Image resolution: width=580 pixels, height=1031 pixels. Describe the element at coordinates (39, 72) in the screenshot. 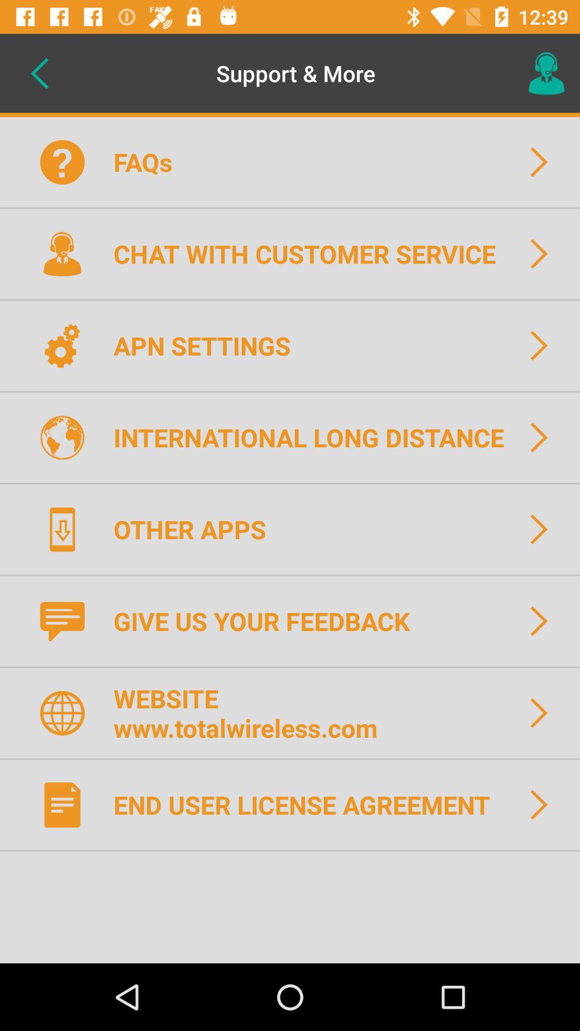

I see `icon next to the support & more` at that location.